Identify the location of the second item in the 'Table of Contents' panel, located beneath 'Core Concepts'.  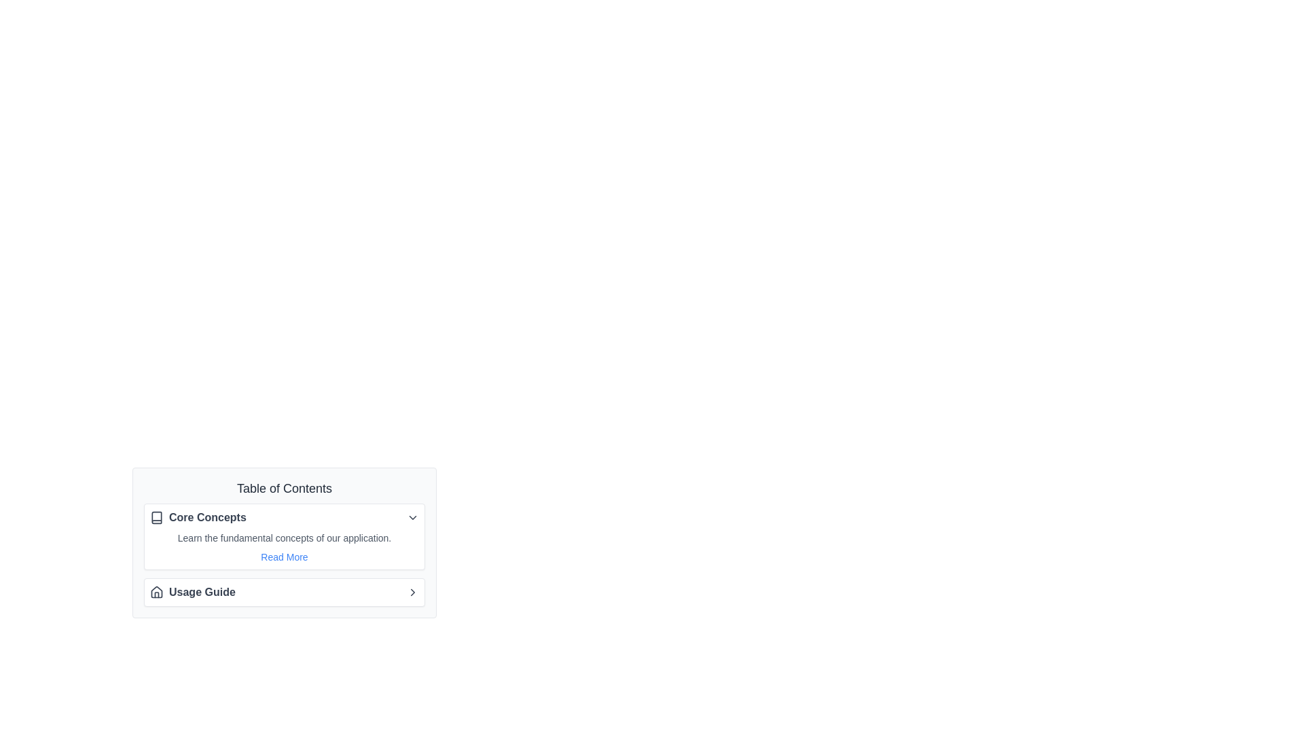
(283, 591).